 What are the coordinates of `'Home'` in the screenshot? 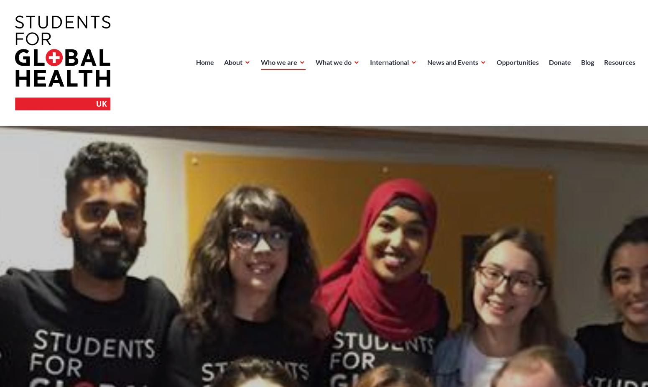 It's located at (204, 62).